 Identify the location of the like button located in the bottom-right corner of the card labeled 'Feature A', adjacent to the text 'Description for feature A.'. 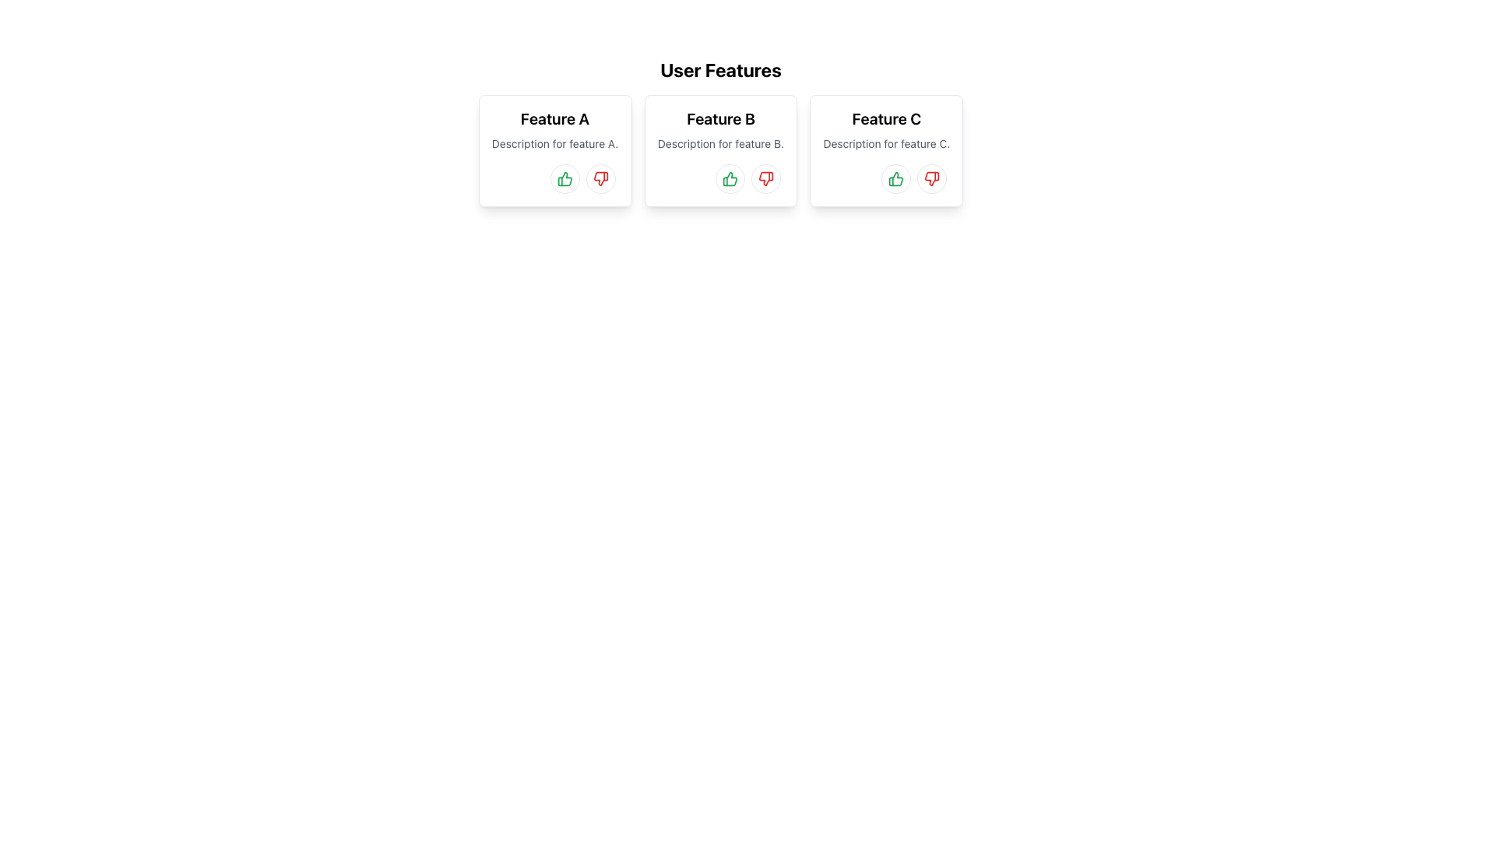
(555, 178).